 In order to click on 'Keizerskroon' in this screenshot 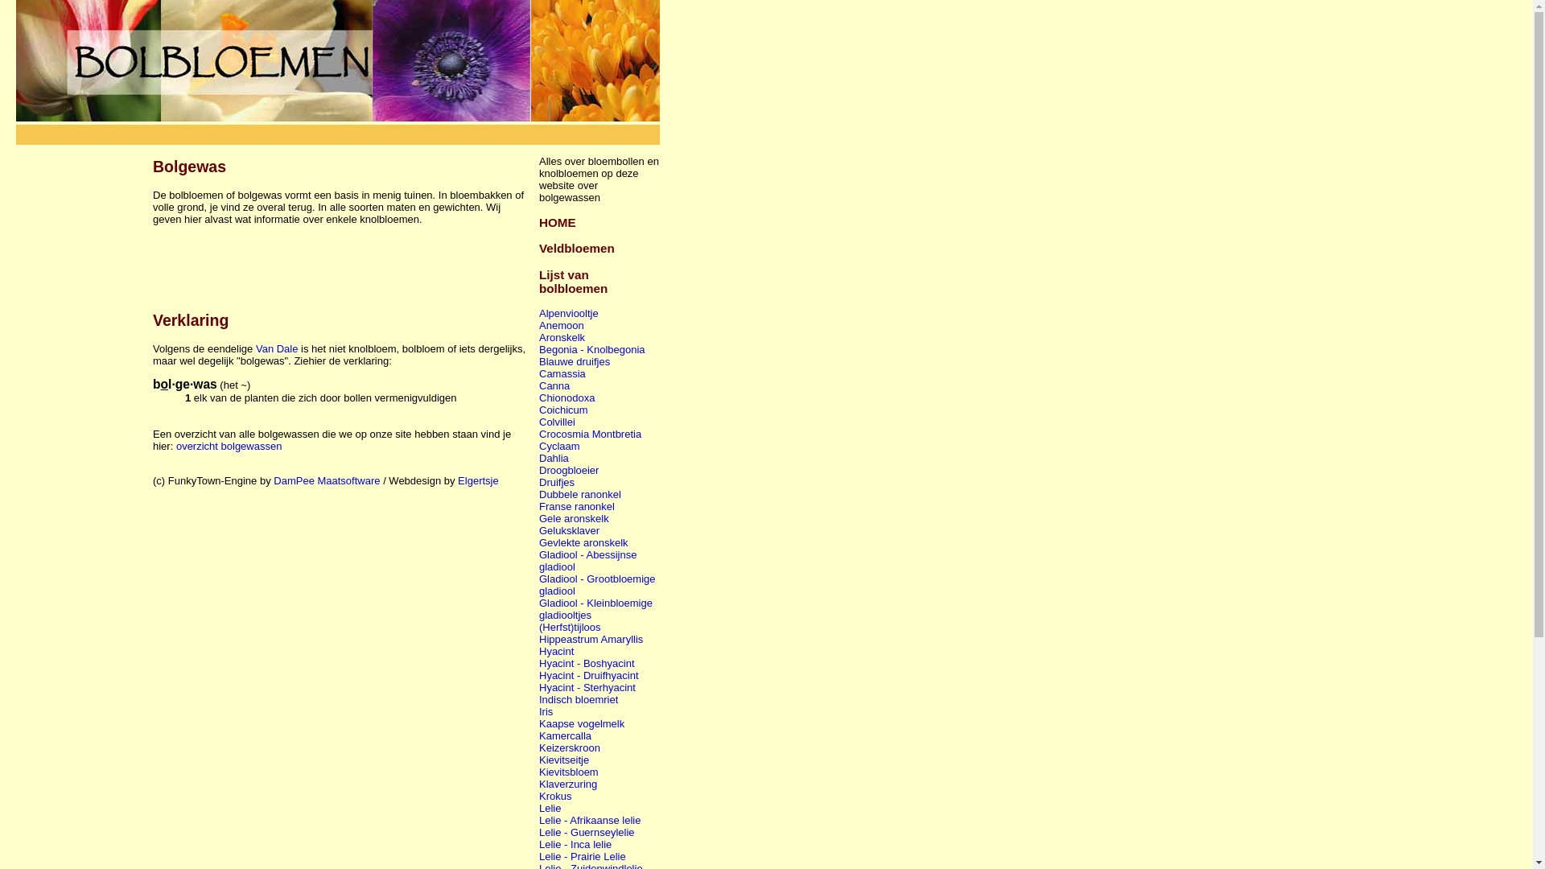, I will do `click(570, 748)`.